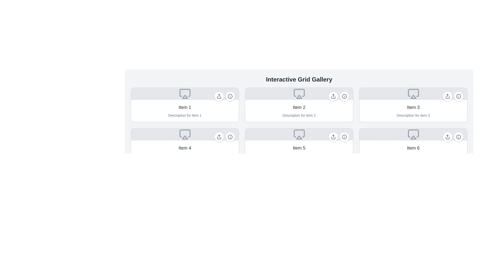 This screenshot has width=482, height=271. Describe the element at coordinates (413, 94) in the screenshot. I see `the graphical icon located at the center-top of the 'Item 3' card in the 'Interactive Grid Gallery'` at that location.